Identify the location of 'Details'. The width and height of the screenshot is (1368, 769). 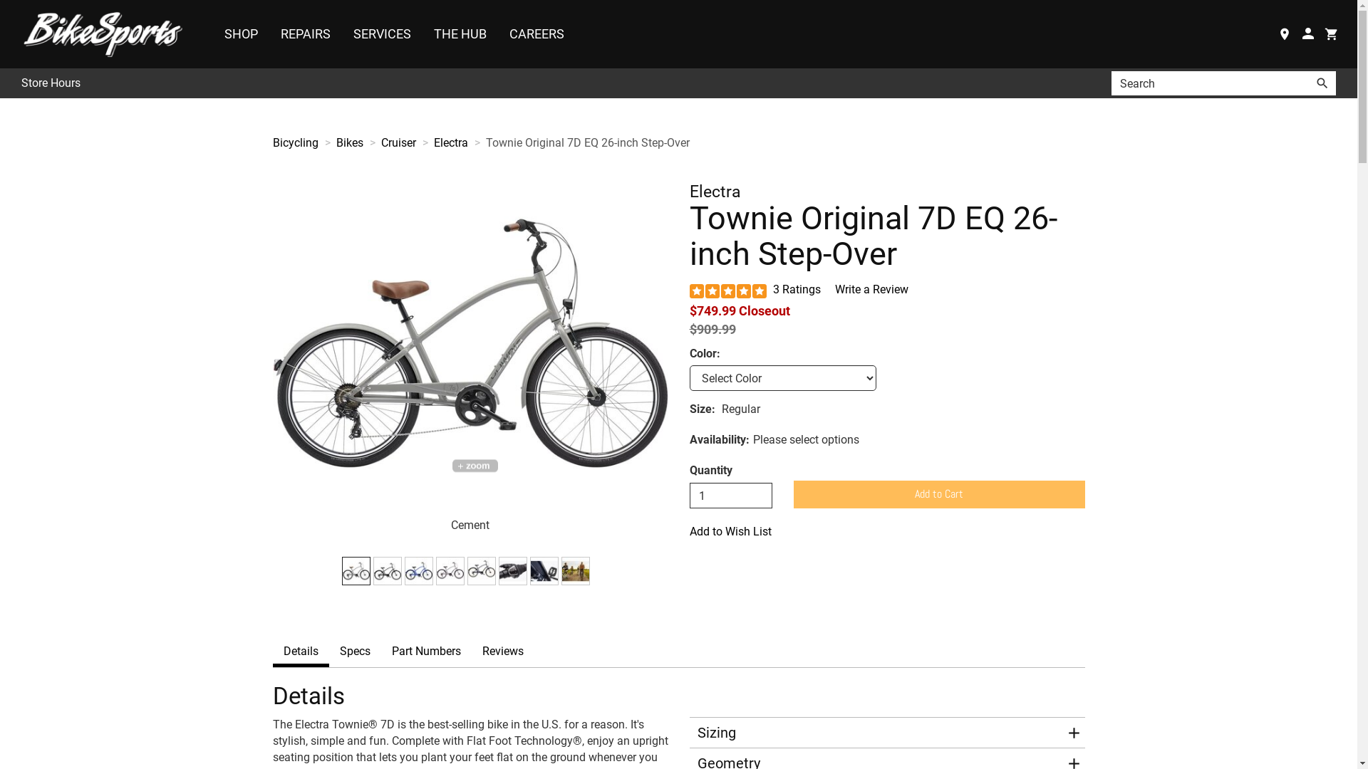
(299, 652).